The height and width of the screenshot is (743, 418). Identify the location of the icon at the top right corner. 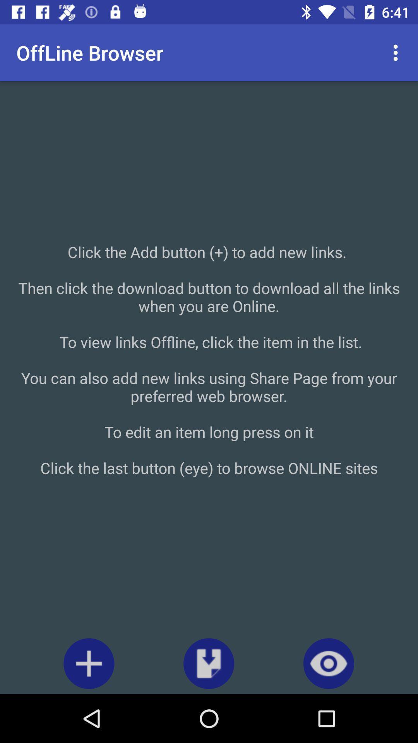
(397, 52).